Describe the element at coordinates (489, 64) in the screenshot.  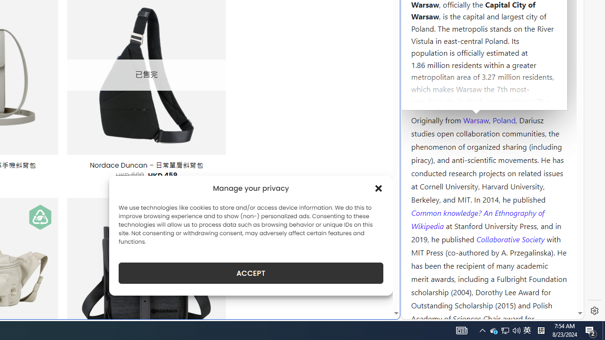
I see `'Kozminski University'` at that location.